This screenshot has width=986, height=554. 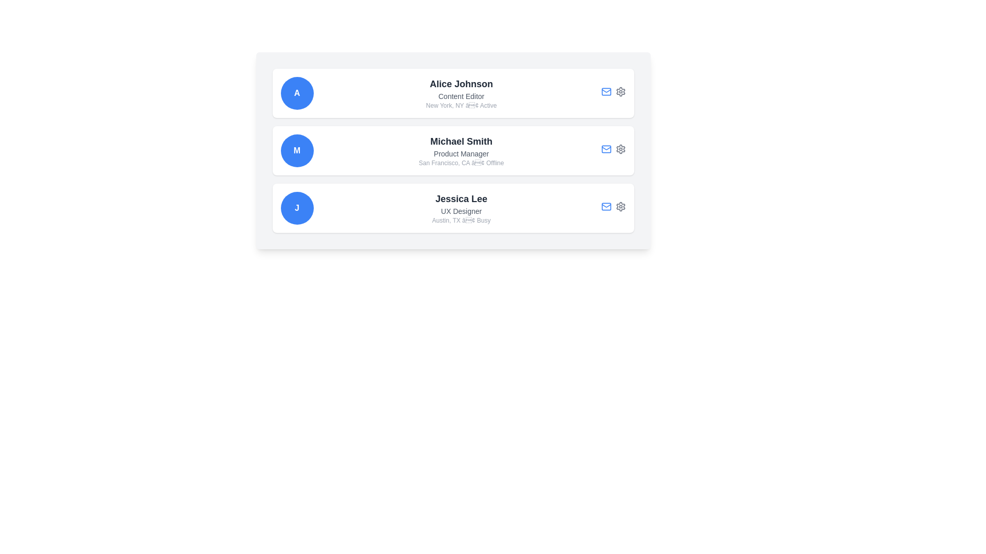 I want to click on the Text label that provides location and status information about an individual in the user profile, positioned below 'Michael Smith' and 'Product Manager', so click(x=461, y=162).